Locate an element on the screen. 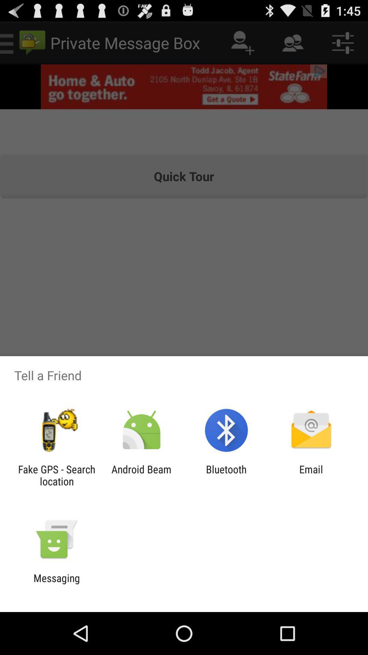 The width and height of the screenshot is (368, 655). the email icon is located at coordinates (311, 475).